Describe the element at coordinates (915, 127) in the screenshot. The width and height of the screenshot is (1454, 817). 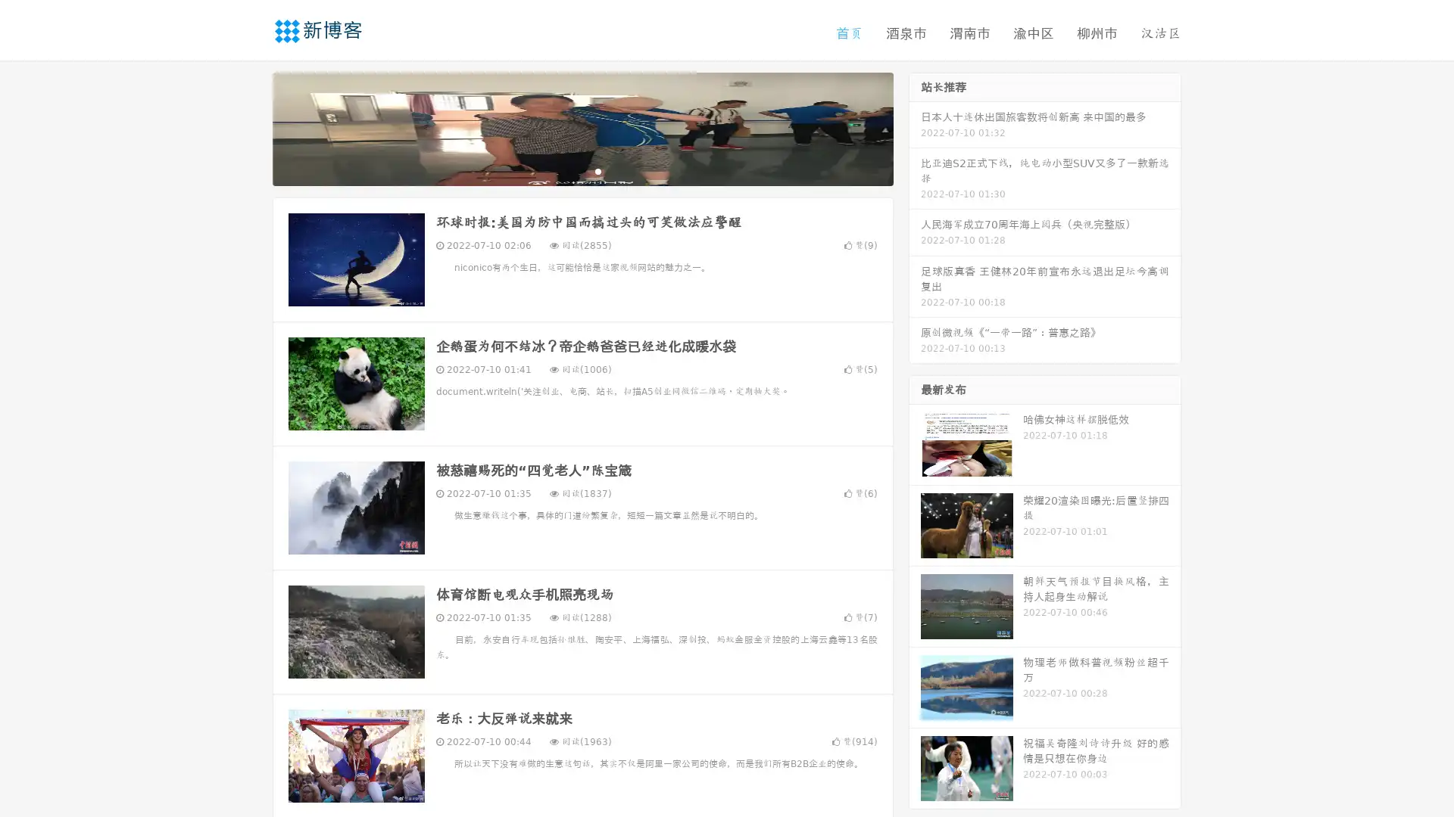
I see `Next slide` at that location.